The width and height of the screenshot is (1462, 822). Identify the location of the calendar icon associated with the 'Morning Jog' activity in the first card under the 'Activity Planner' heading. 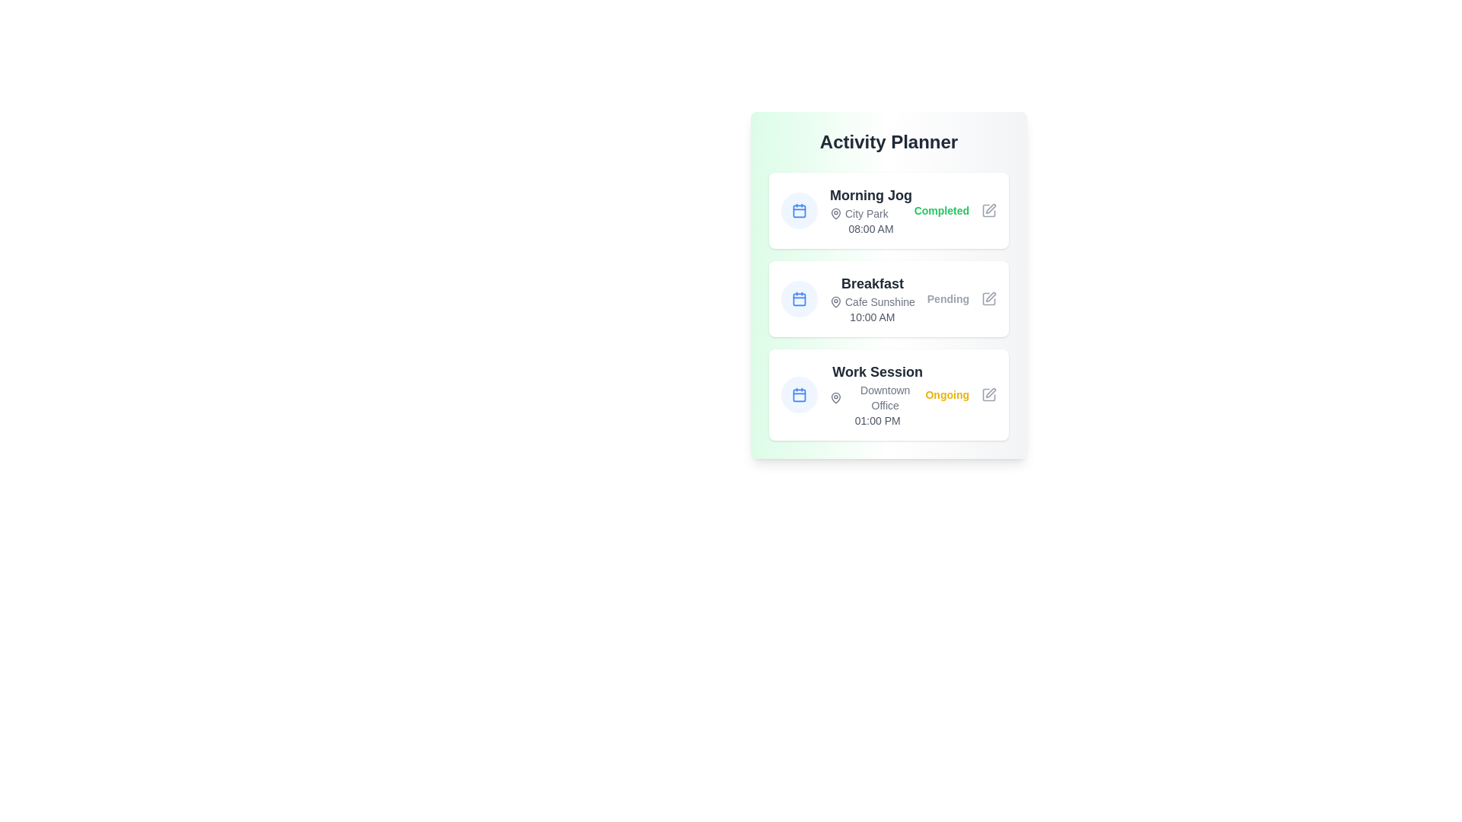
(799, 211).